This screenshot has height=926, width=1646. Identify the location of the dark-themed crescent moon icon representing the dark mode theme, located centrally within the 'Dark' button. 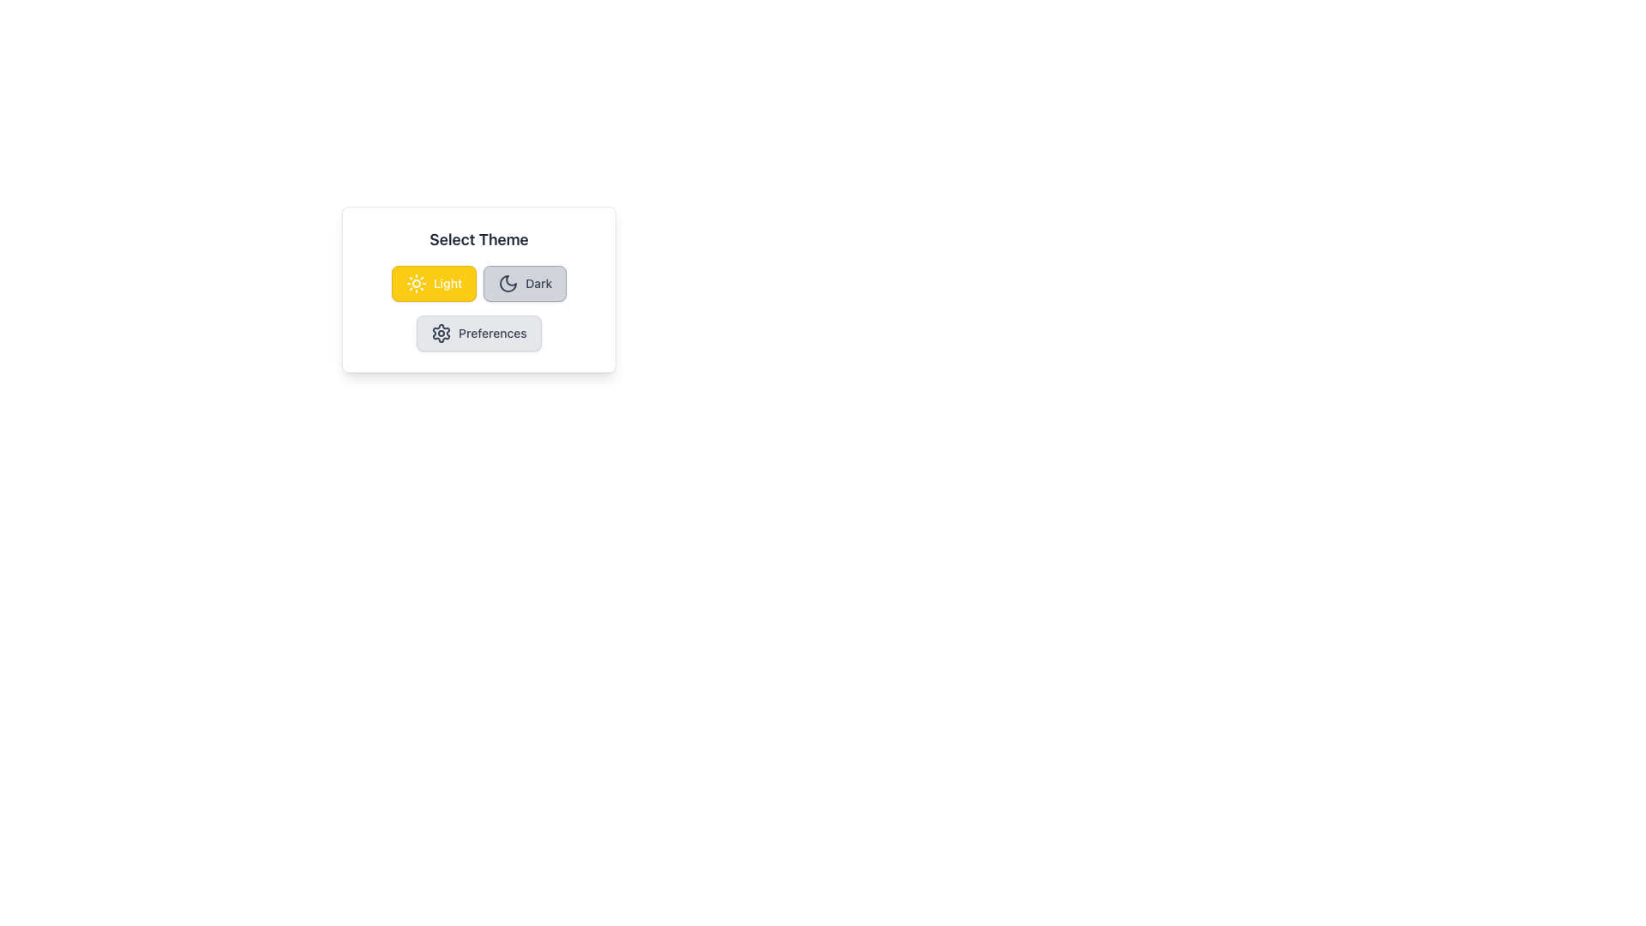
(508, 283).